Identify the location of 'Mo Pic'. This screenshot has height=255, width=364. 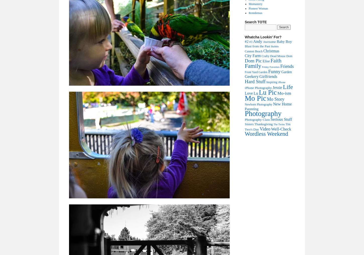
(245, 98).